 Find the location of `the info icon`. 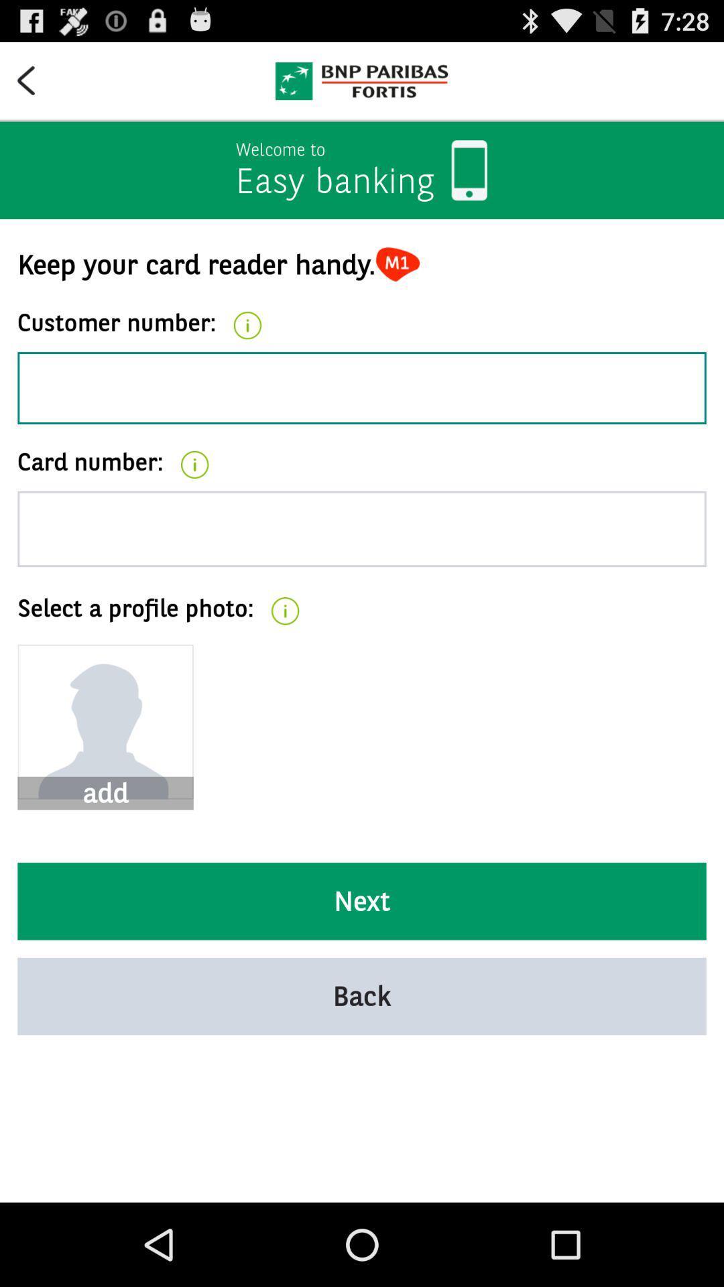

the info icon is located at coordinates (247, 348).